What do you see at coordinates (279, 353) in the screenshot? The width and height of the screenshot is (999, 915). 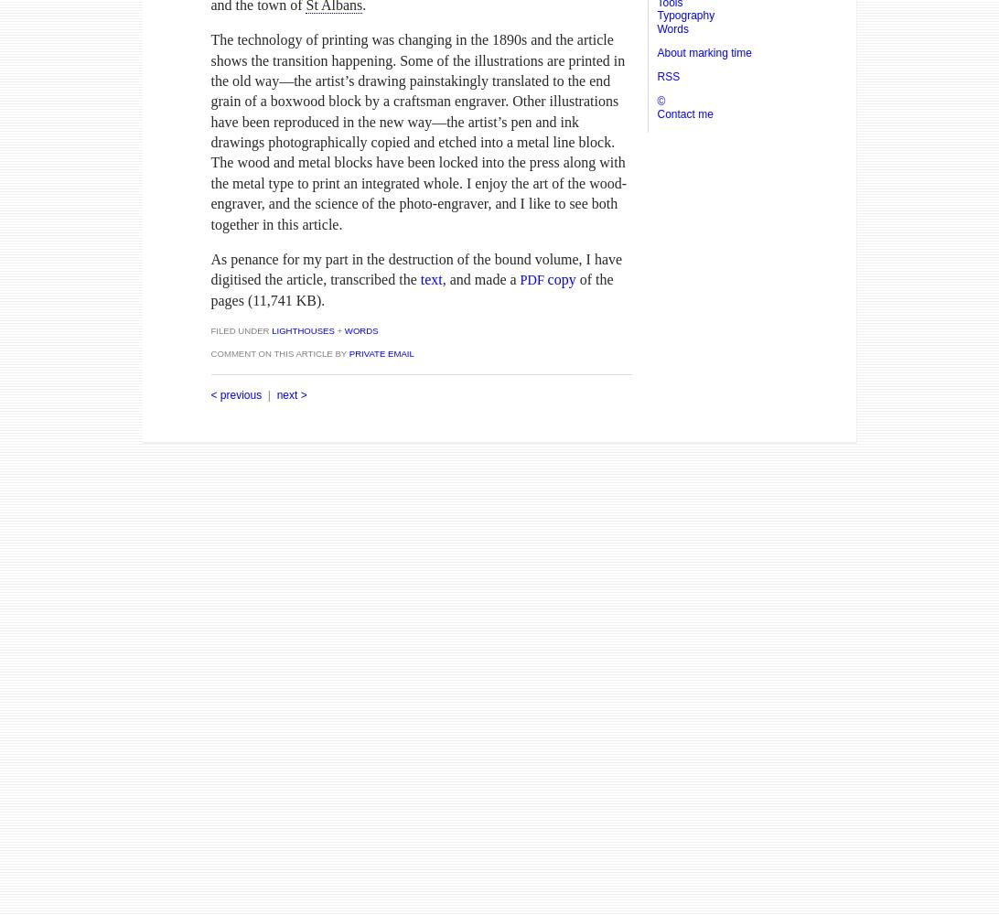 I see `'comment on this article by'` at bounding box center [279, 353].